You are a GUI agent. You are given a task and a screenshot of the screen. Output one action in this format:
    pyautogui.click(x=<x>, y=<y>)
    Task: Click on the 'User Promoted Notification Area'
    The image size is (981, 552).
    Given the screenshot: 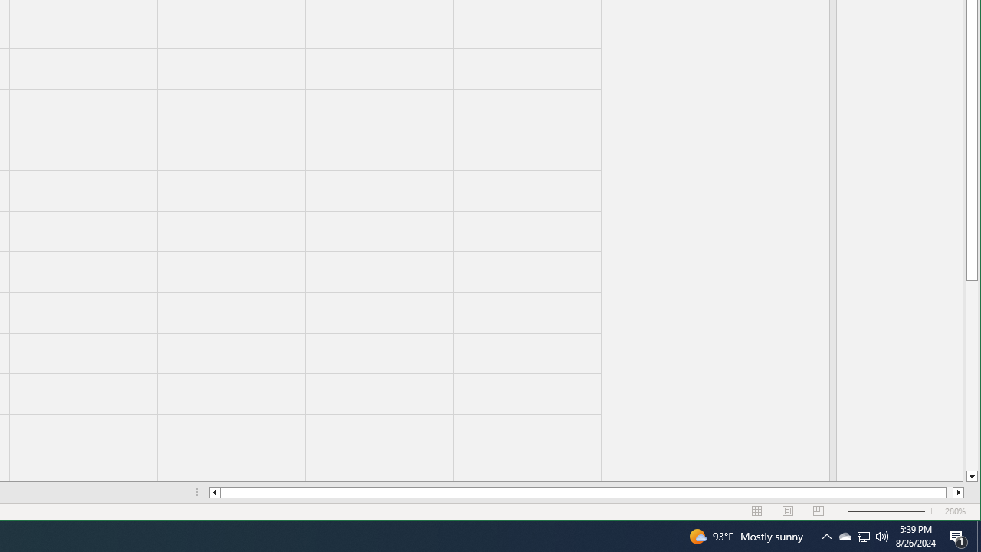 What is the action you would take?
    pyautogui.click(x=882, y=535)
    